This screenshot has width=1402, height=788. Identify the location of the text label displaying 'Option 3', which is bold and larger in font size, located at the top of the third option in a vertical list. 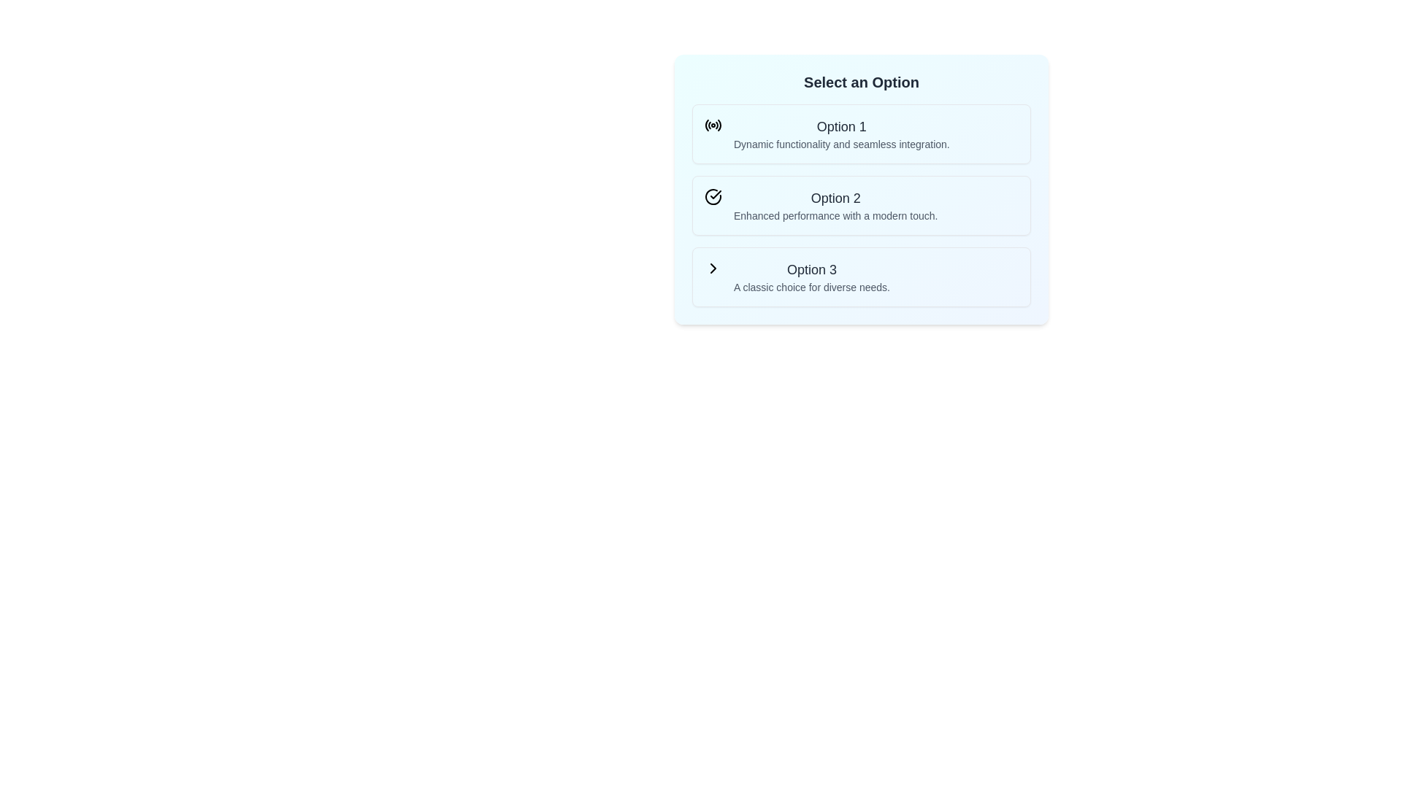
(811, 270).